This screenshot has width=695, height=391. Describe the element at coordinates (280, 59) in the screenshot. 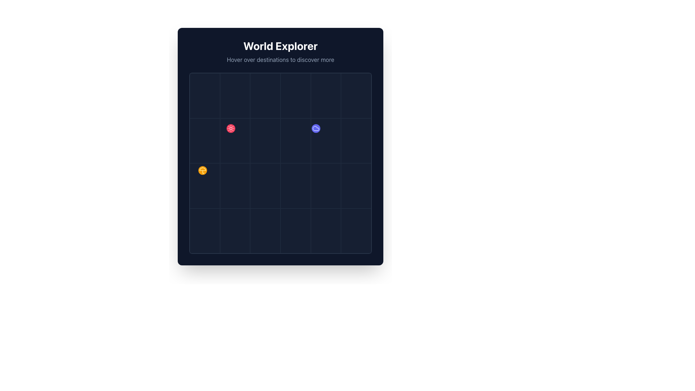

I see `the text element that says 'Hover over destinations to discover more', which is styled in light gray and located centrally below the 'World Explorer' heading` at that location.